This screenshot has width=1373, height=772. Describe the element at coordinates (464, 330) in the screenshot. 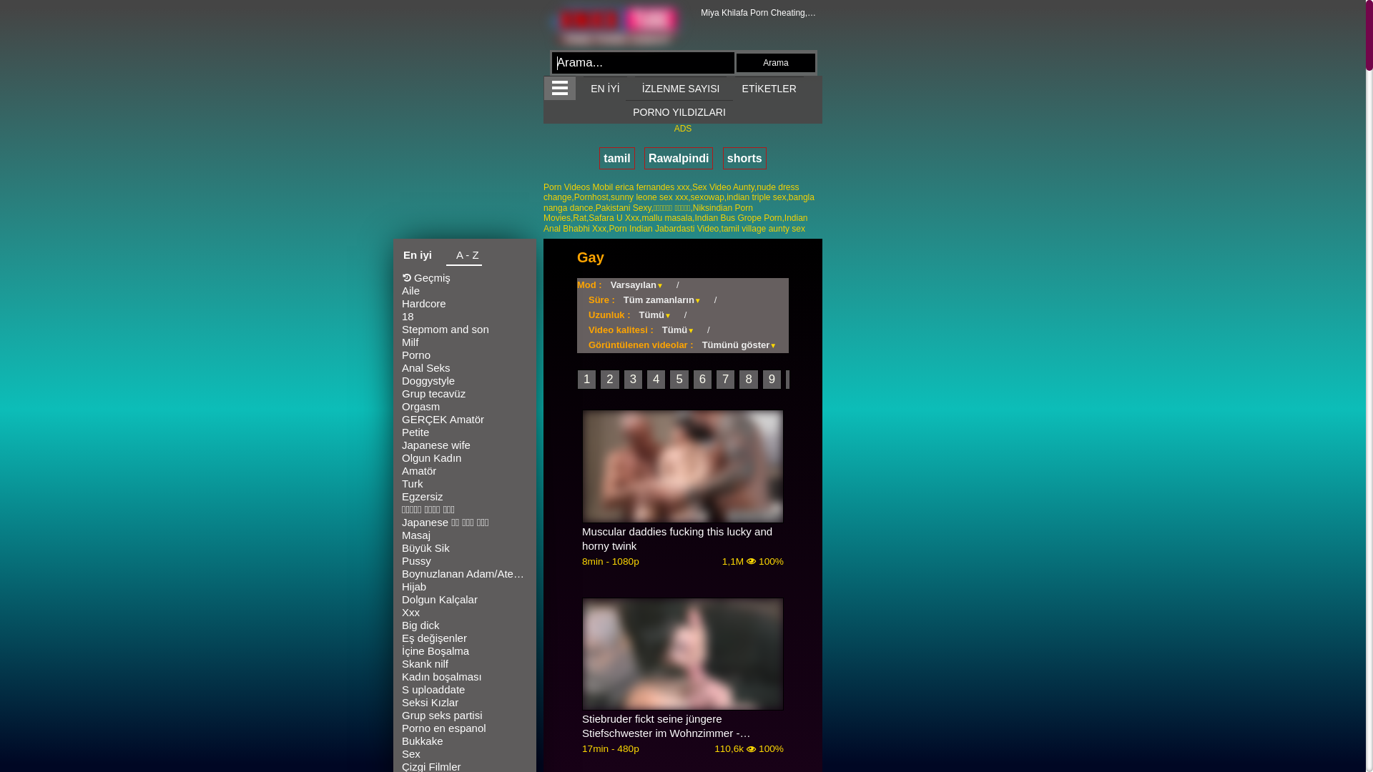

I see `'Stepmom and son'` at that location.